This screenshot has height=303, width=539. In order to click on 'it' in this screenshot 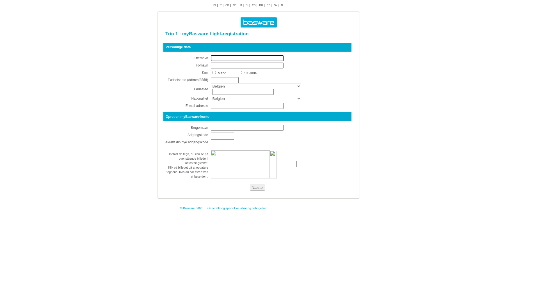, I will do `click(241, 5)`.